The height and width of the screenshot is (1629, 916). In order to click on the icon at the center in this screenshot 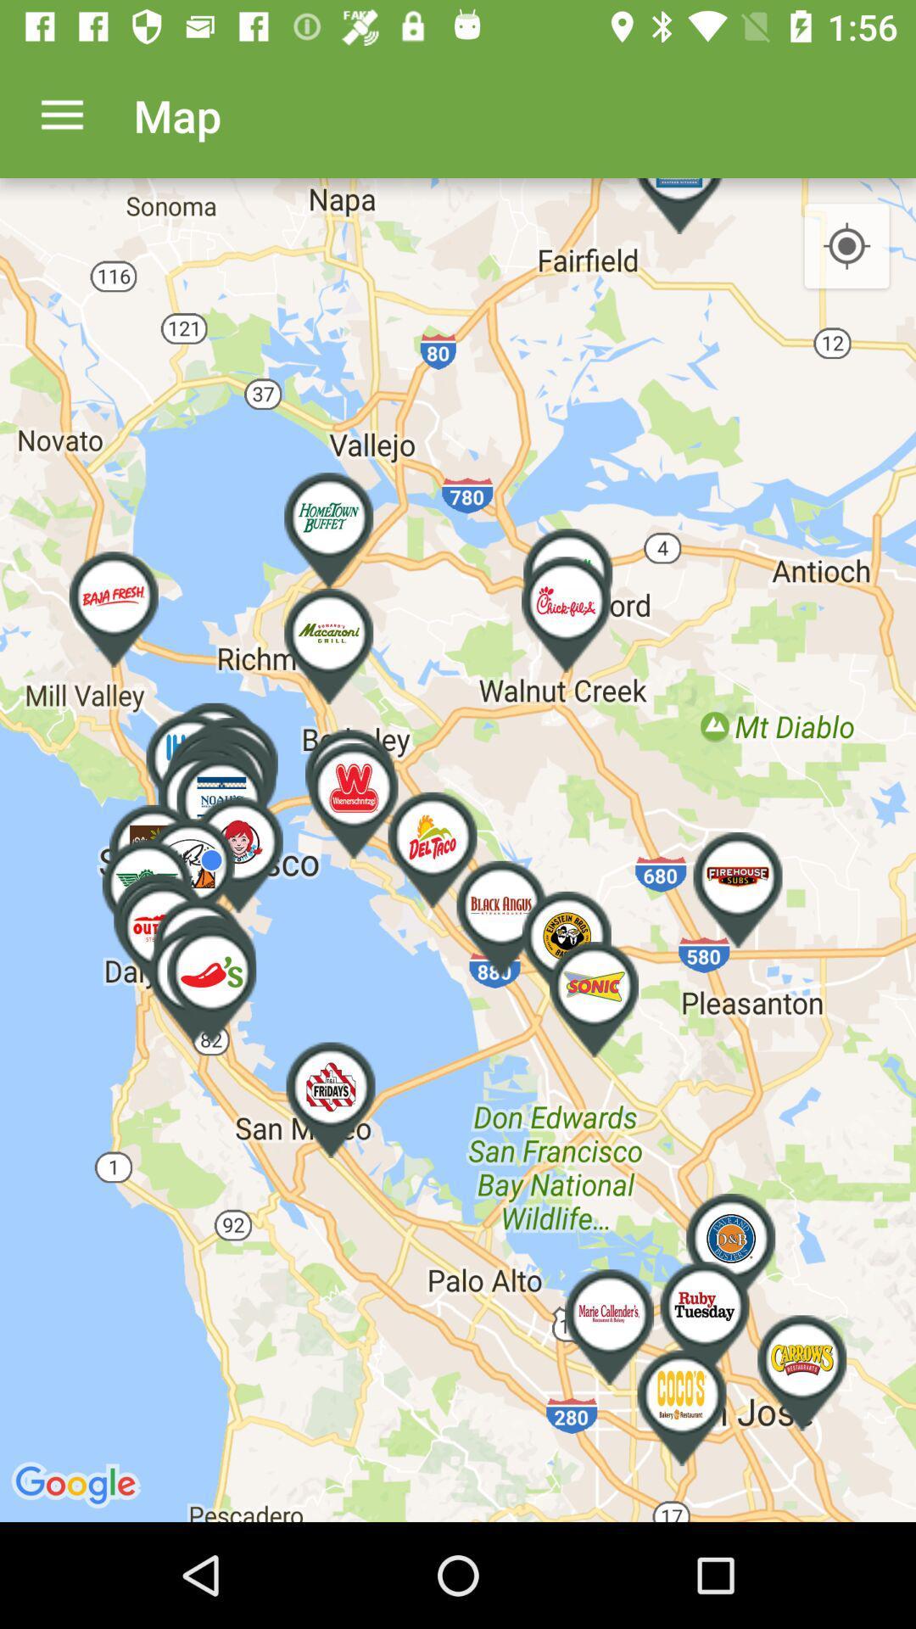, I will do `click(458, 850)`.